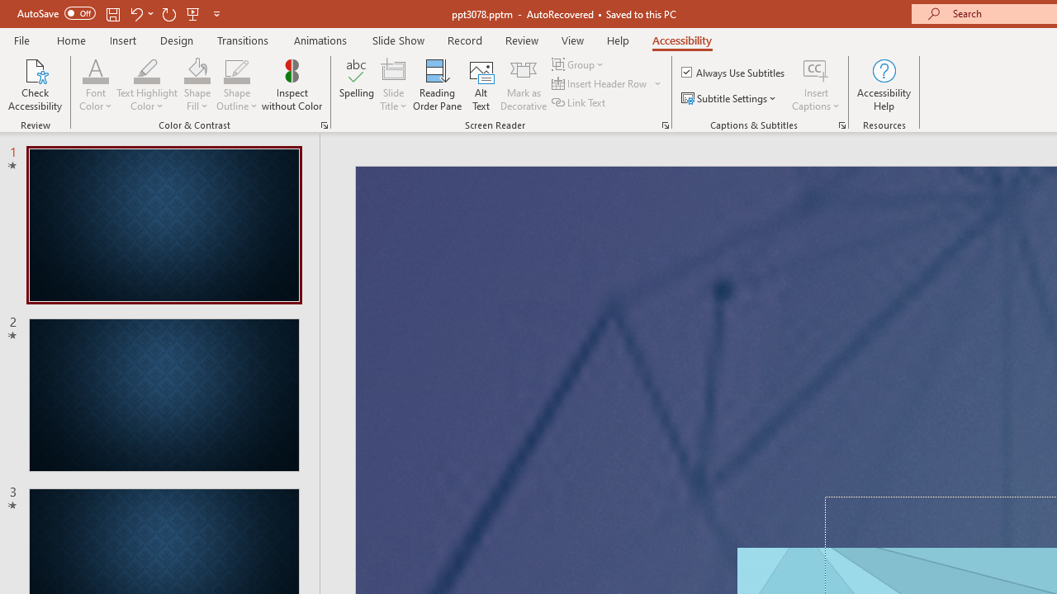 The image size is (1057, 594). Describe the element at coordinates (665, 124) in the screenshot. I see `'Screen Reader'` at that location.